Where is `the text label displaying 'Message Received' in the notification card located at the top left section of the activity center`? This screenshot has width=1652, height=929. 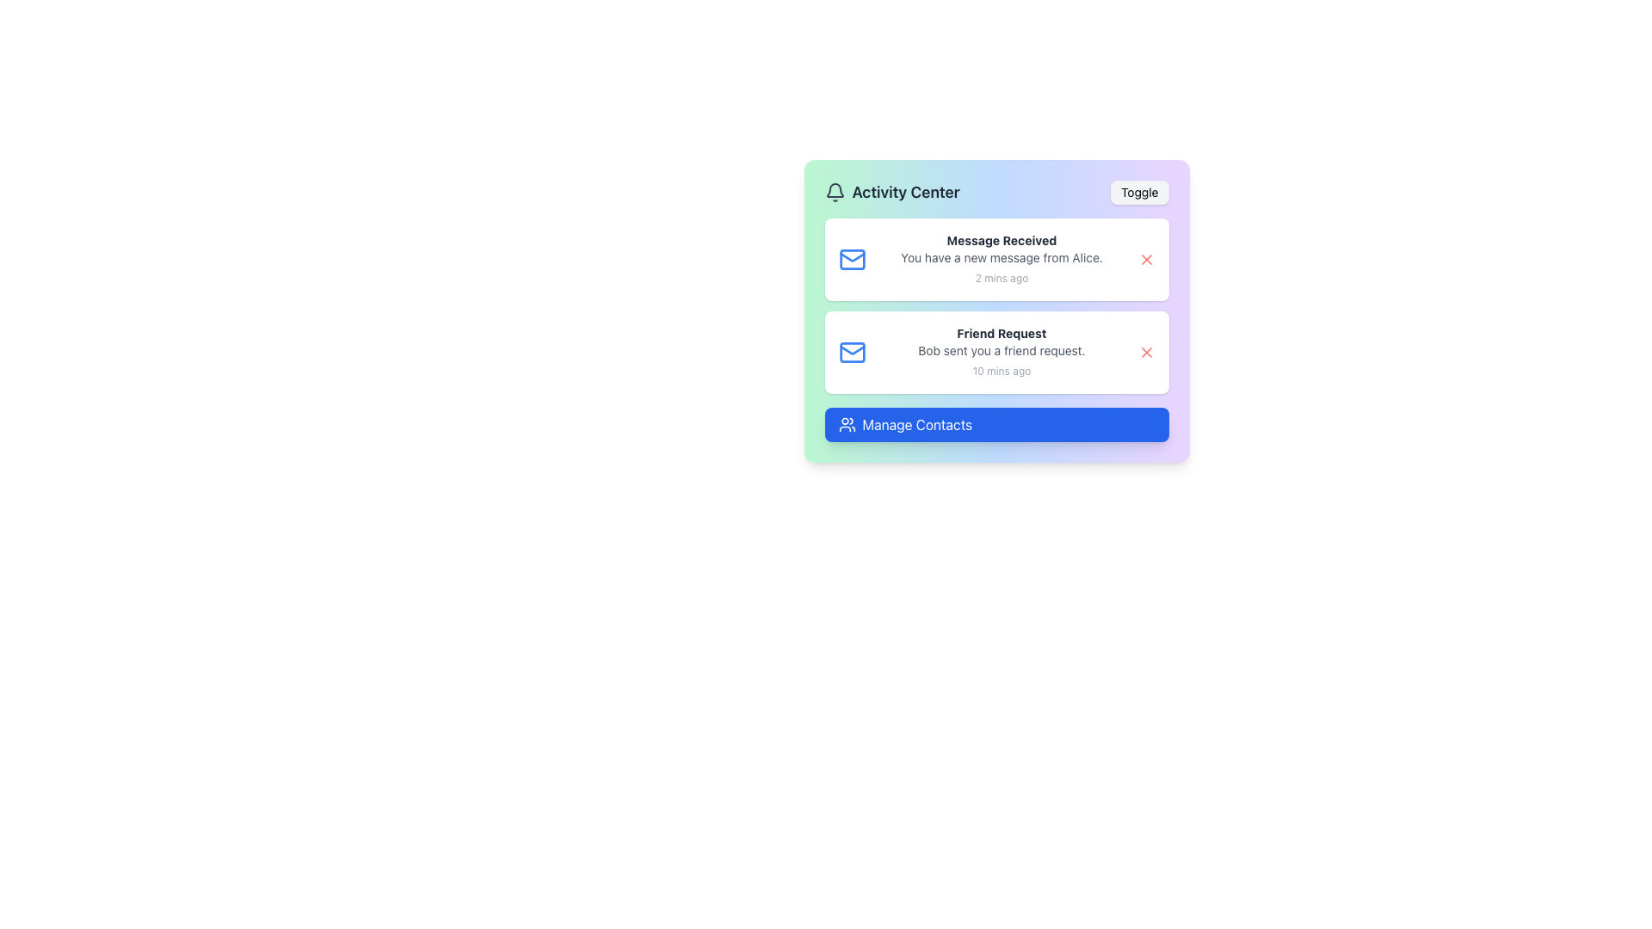
the text label displaying 'Message Received' in the notification card located at the top left section of the activity center is located at coordinates (1002, 241).